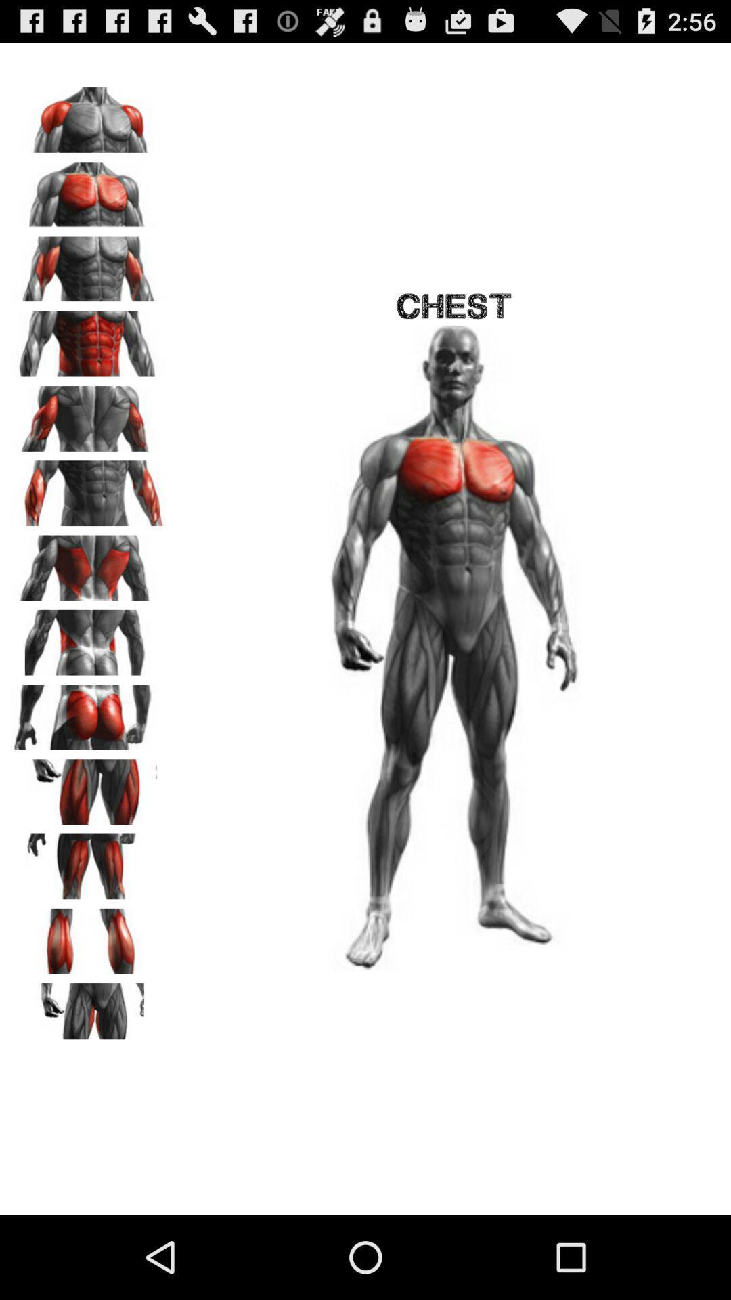 The width and height of the screenshot is (731, 1300). What do you see at coordinates (89, 413) in the screenshot?
I see `triceps` at bounding box center [89, 413].